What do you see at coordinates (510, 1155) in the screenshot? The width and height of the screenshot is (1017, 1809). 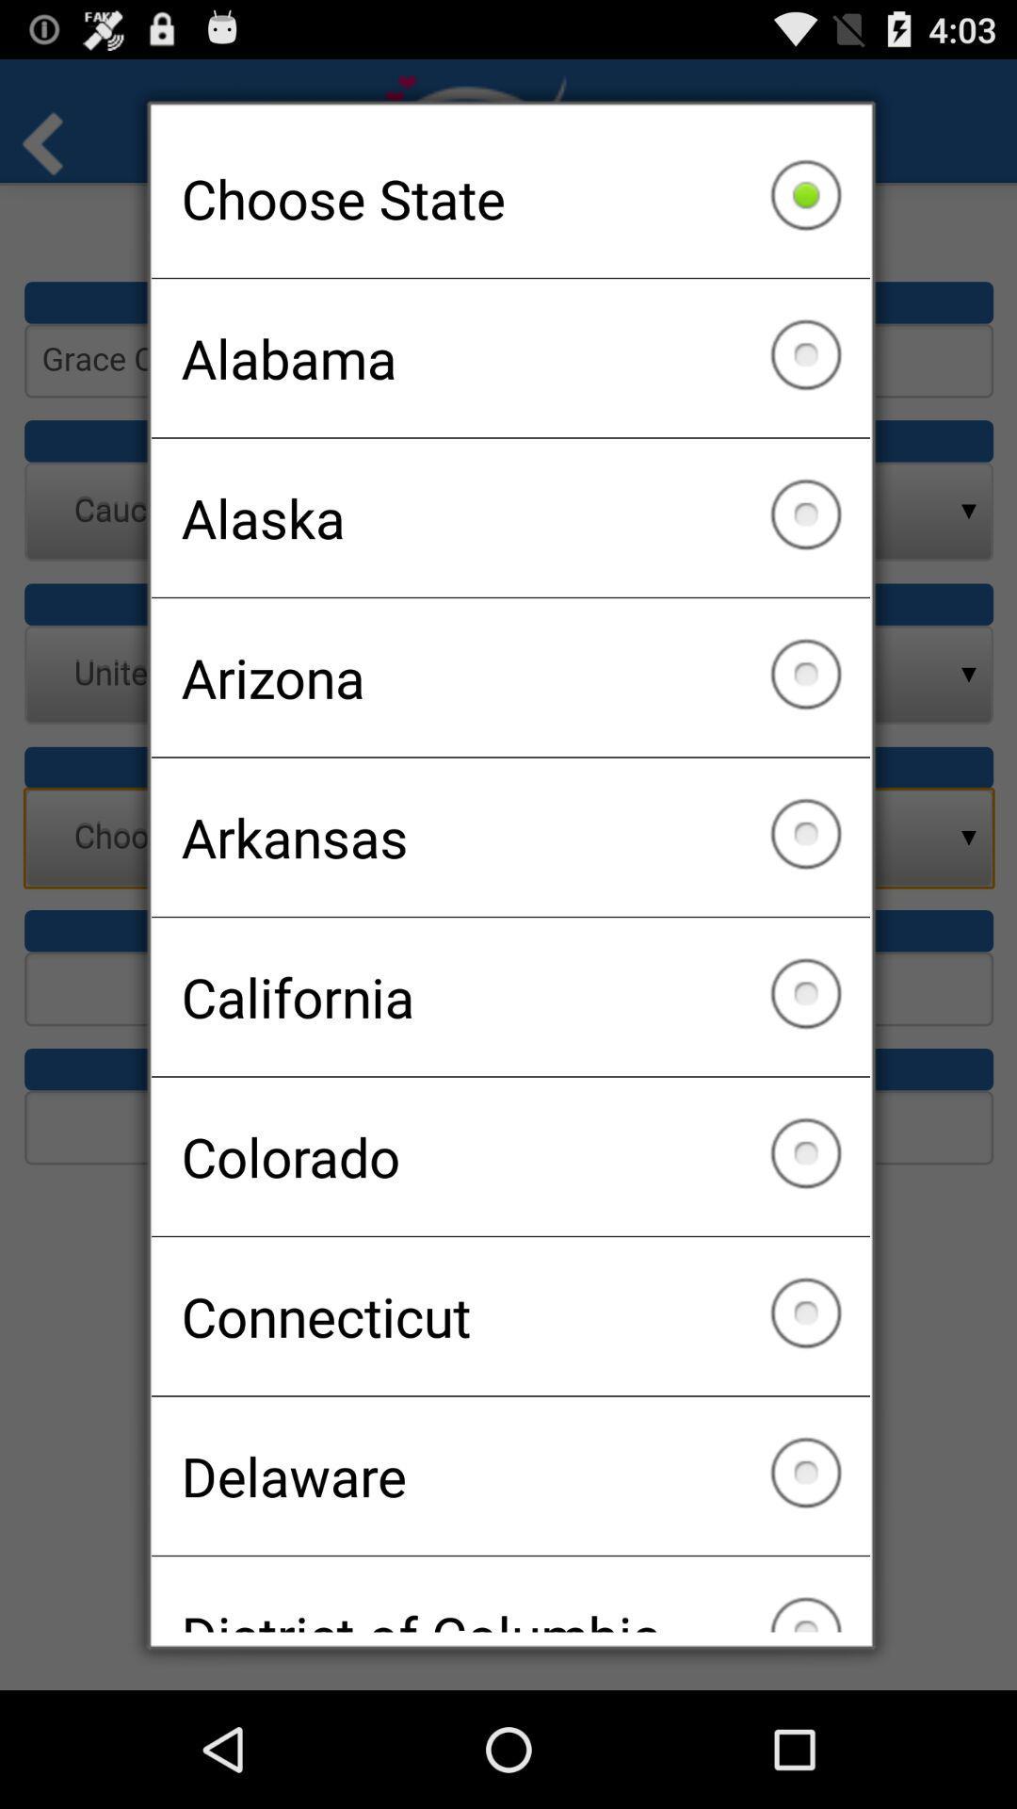 I see `the colorado icon` at bounding box center [510, 1155].